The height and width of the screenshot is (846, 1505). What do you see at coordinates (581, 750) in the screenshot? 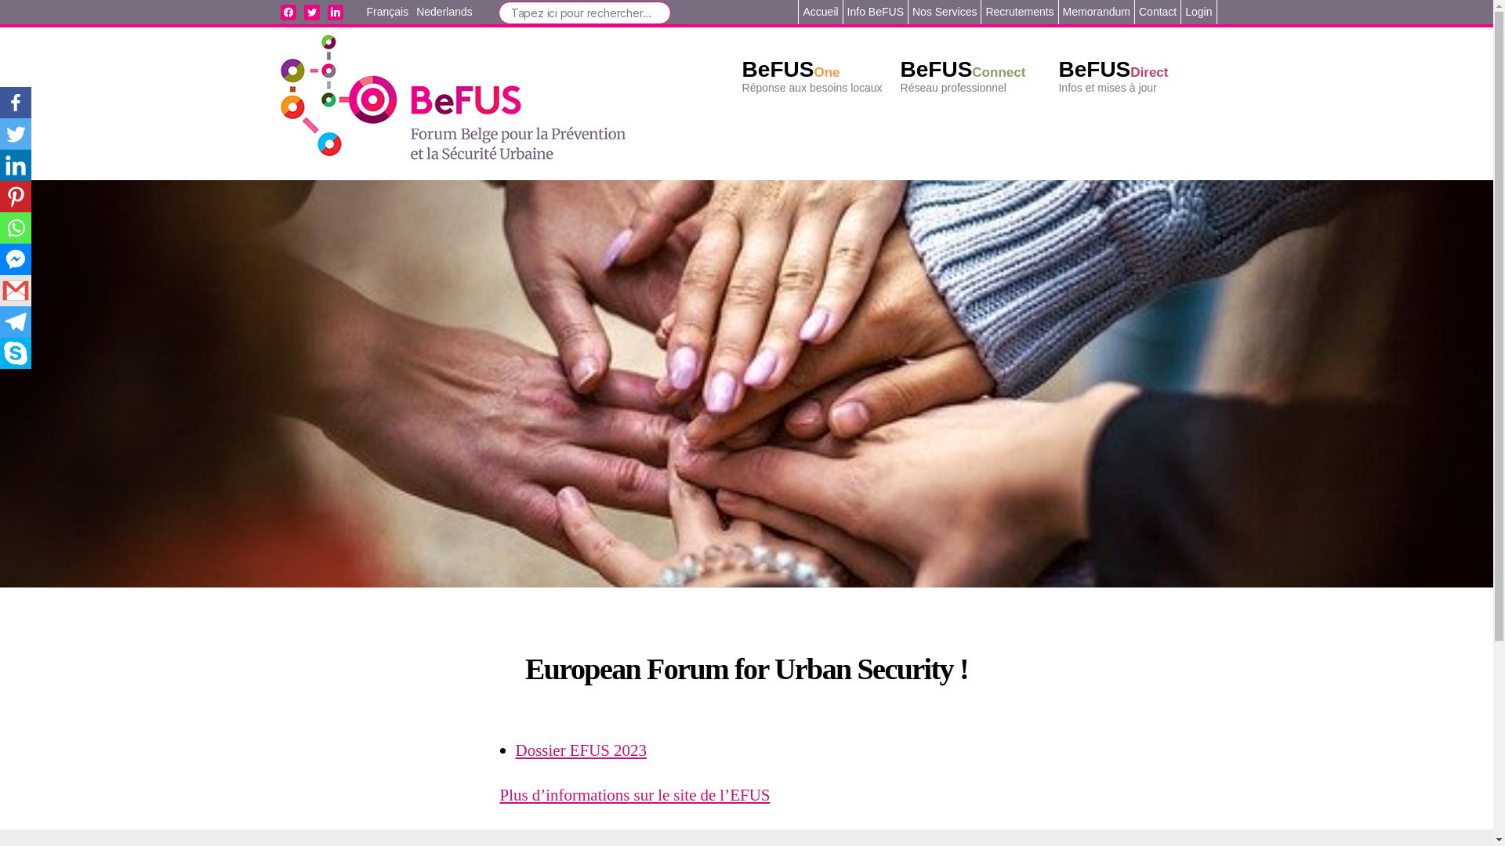
I see `'Dossier EFUS 2023'` at bounding box center [581, 750].